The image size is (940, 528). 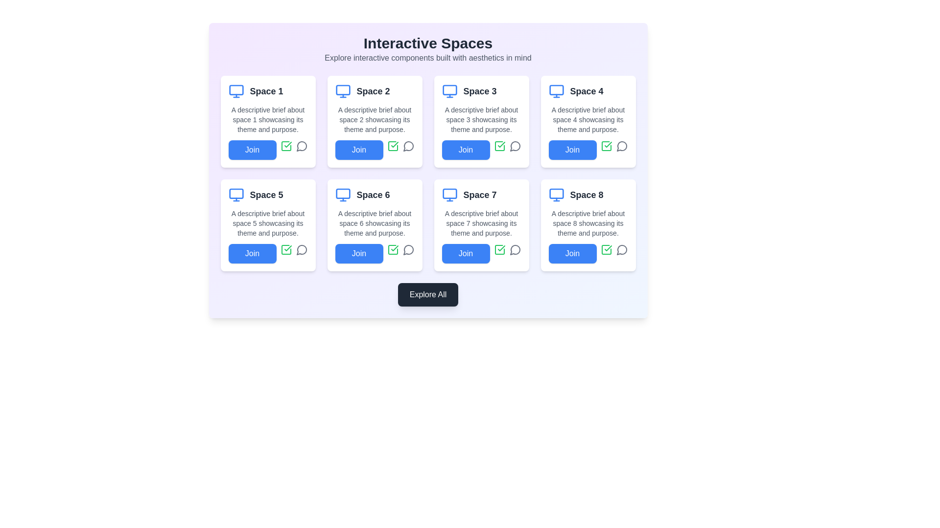 What do you see at coordinates (587, 119) in the screenshot?
I see `the text element providing description about the 'Space 4' theme, located below the heading 'Space 4' and above the 'Join' button in the fourth card of the grid layout` at bounding box center [587, 119].